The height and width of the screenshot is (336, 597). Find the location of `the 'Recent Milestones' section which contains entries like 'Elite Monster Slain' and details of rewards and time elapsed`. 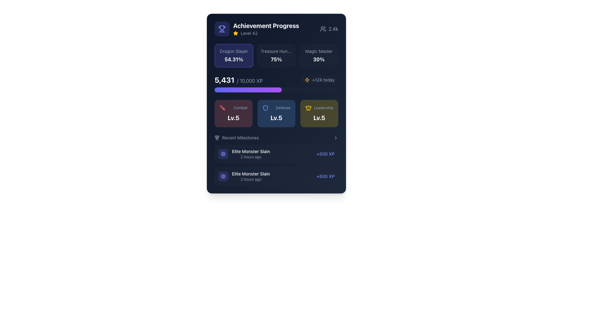

the 'Recent Milestones' section which contains entries like 'Elite Monster Slain' and details of rewards and time elapsed is located at coordinates (276, 160).